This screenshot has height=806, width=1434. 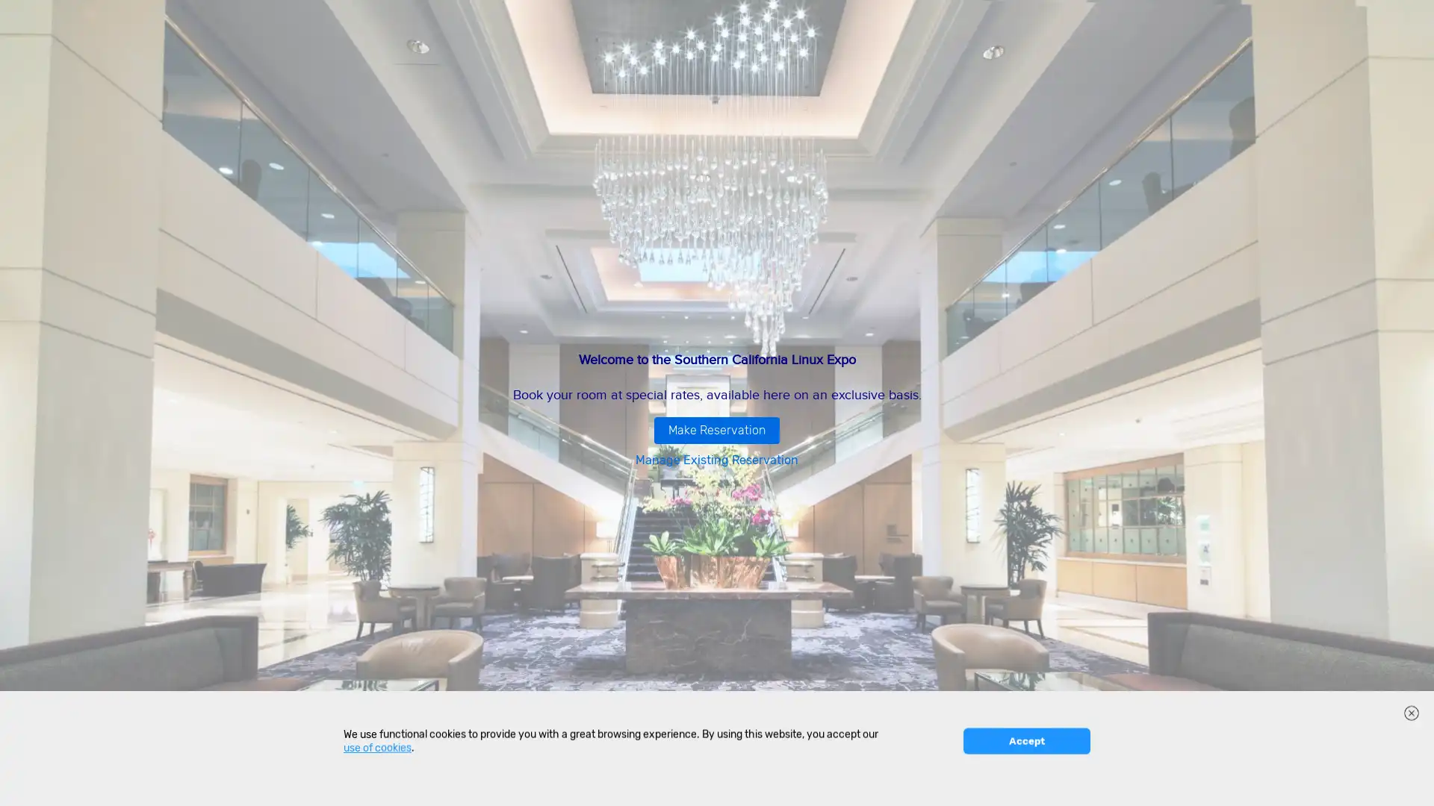 What do you see at coordinates (1025, 784) in the screenshot?
I see `Accept` at bounding box center [1025, 784].